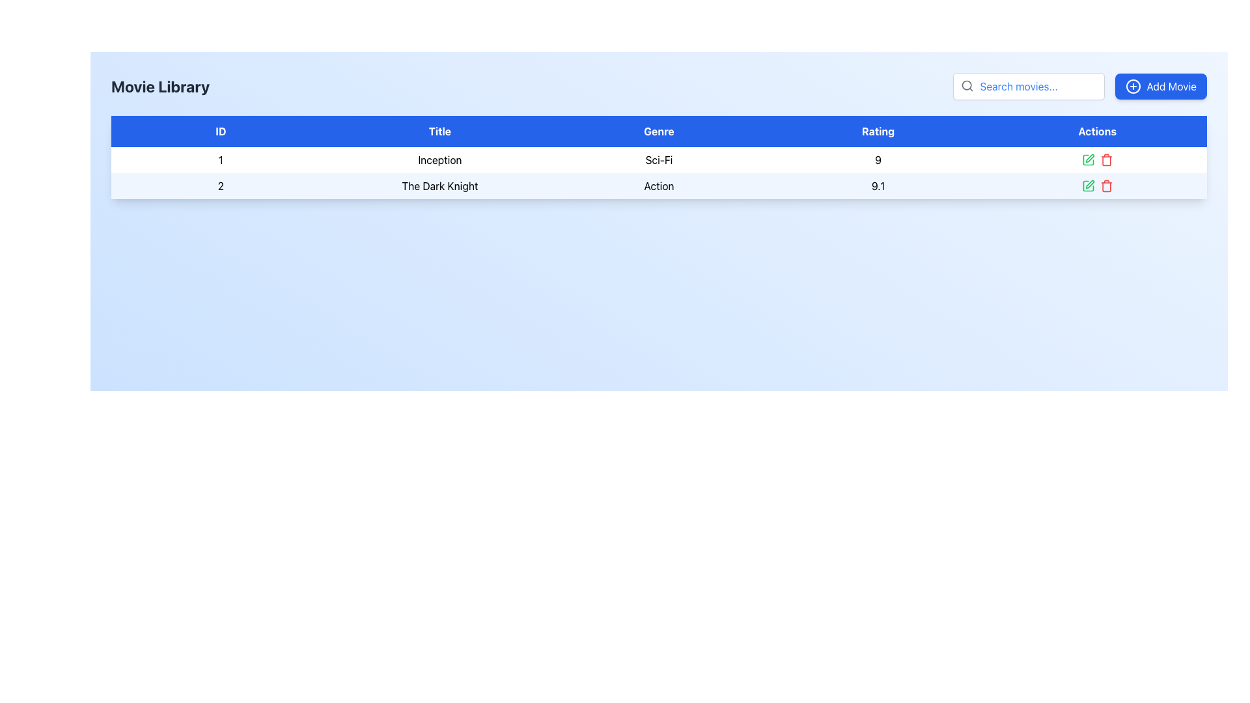 Image resolution: width=1250 pixels, height=703 pixels. I want to click on the SVG icon located in the 'Actions' column next to the first row for the movie titled 'Inception', so click(1088, 159).